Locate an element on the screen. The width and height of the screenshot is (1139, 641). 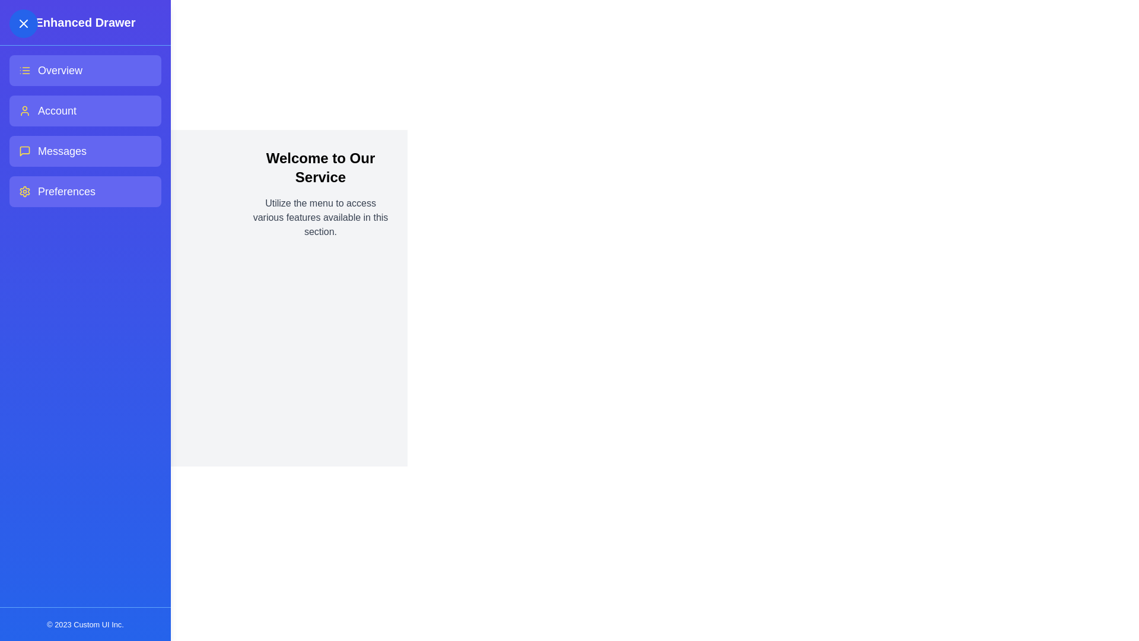
the gear-shaped settings icon located to the left of the 'Preferences' text label in the sidebar navigation panel to associate the visual with the 'Preferences' feature is located at coordinates (25, 191).